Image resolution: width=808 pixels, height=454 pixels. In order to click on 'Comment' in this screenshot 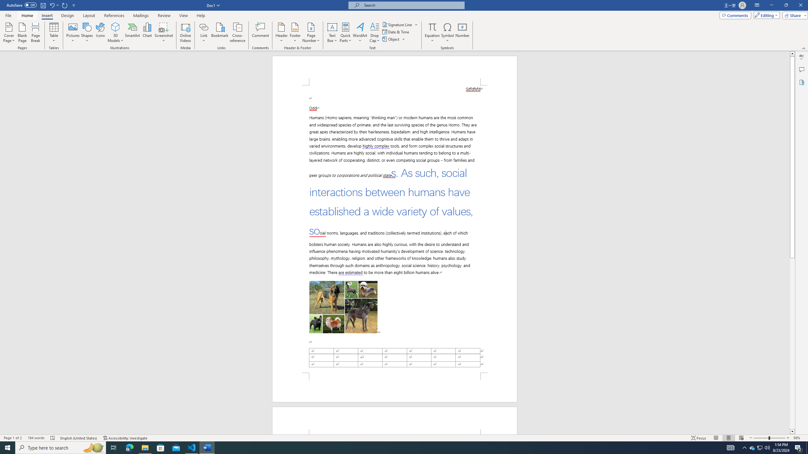, I will do `click(260, 32)`.